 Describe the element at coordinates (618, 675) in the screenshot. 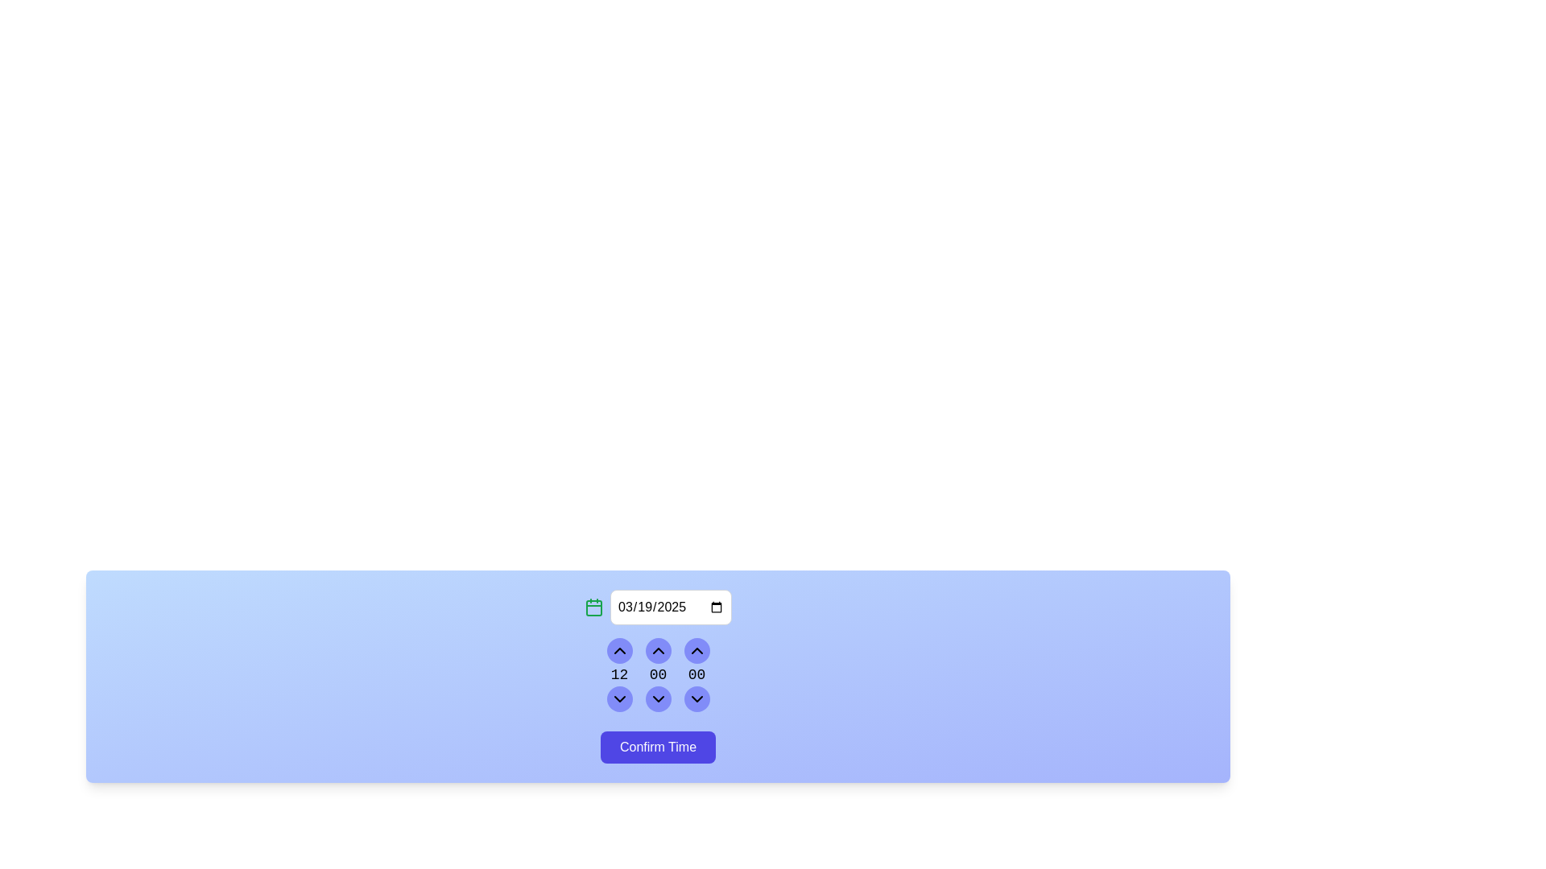

I see `the static text display element showing '12', which is part of the numeric spinner component used for selecting hour values, located above the 'Confirm Time' button` at that location.